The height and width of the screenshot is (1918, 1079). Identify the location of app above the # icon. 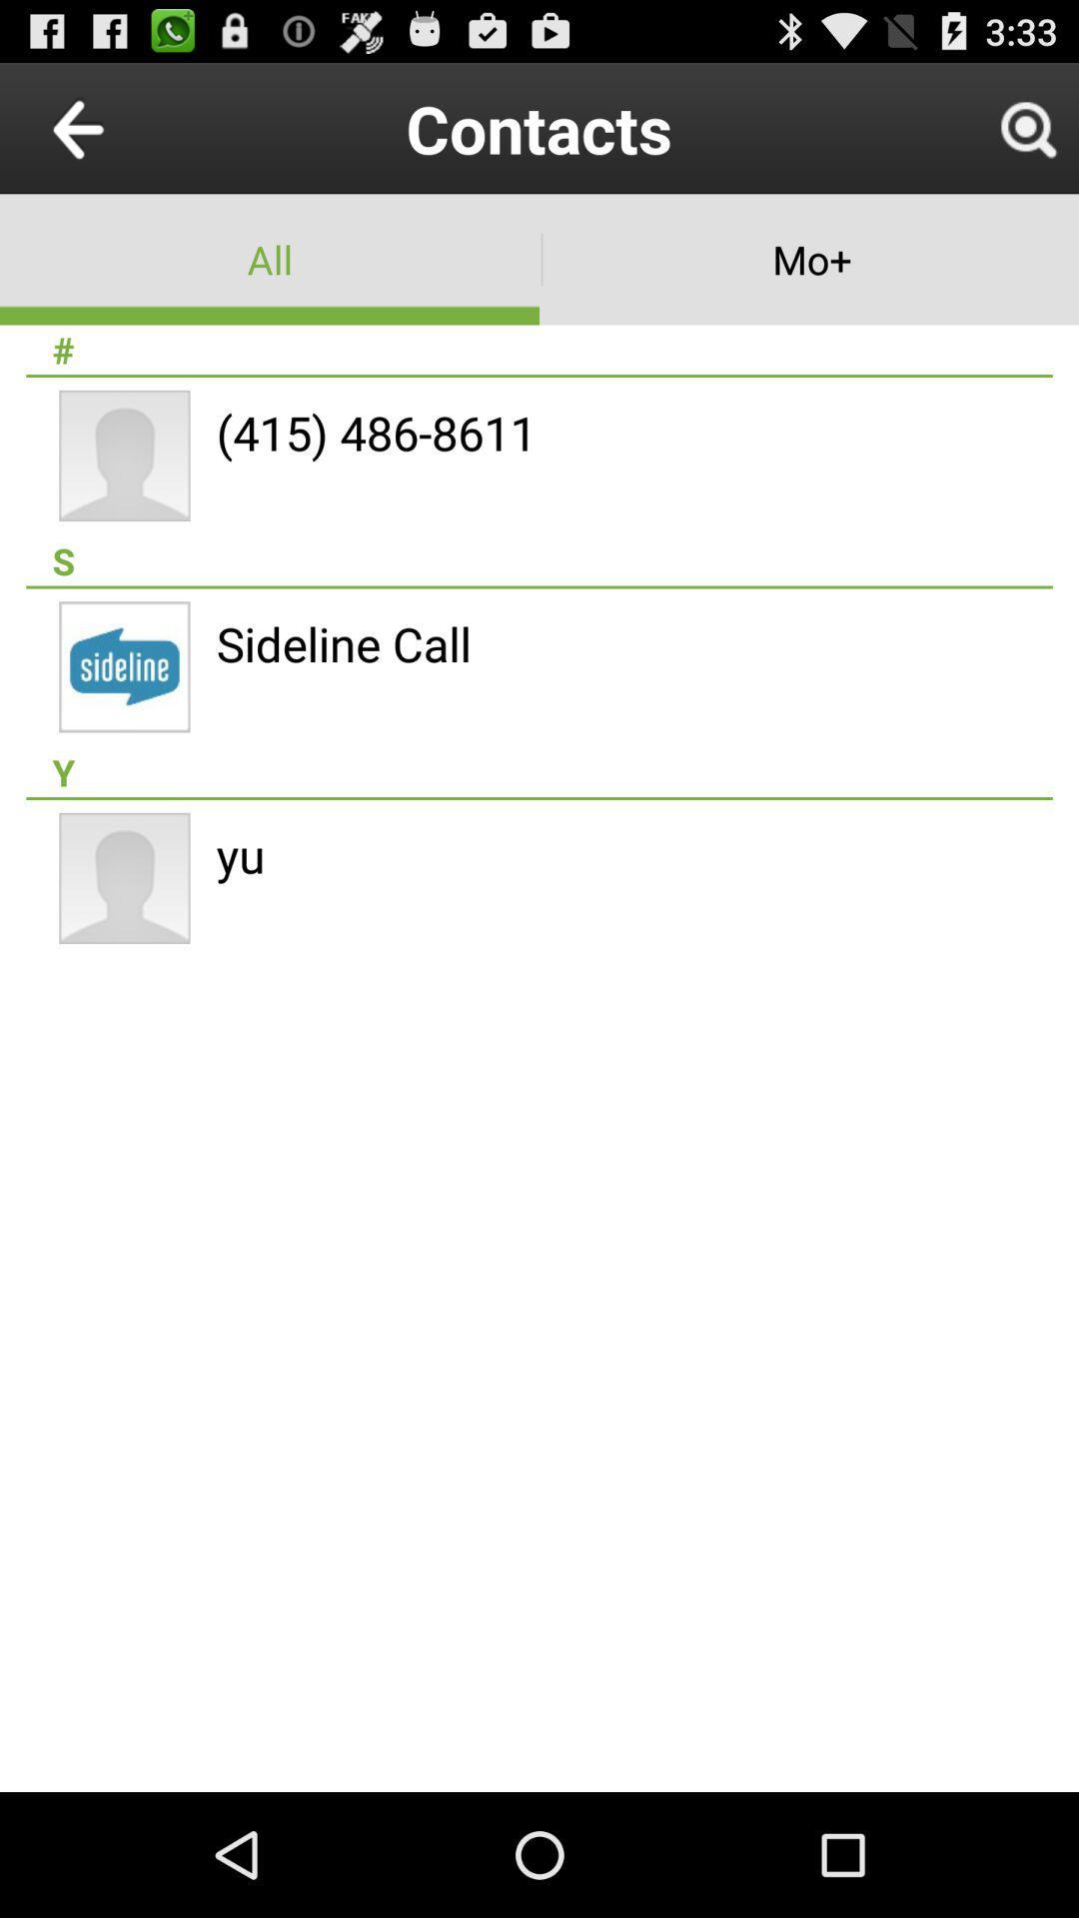
(270, 258).